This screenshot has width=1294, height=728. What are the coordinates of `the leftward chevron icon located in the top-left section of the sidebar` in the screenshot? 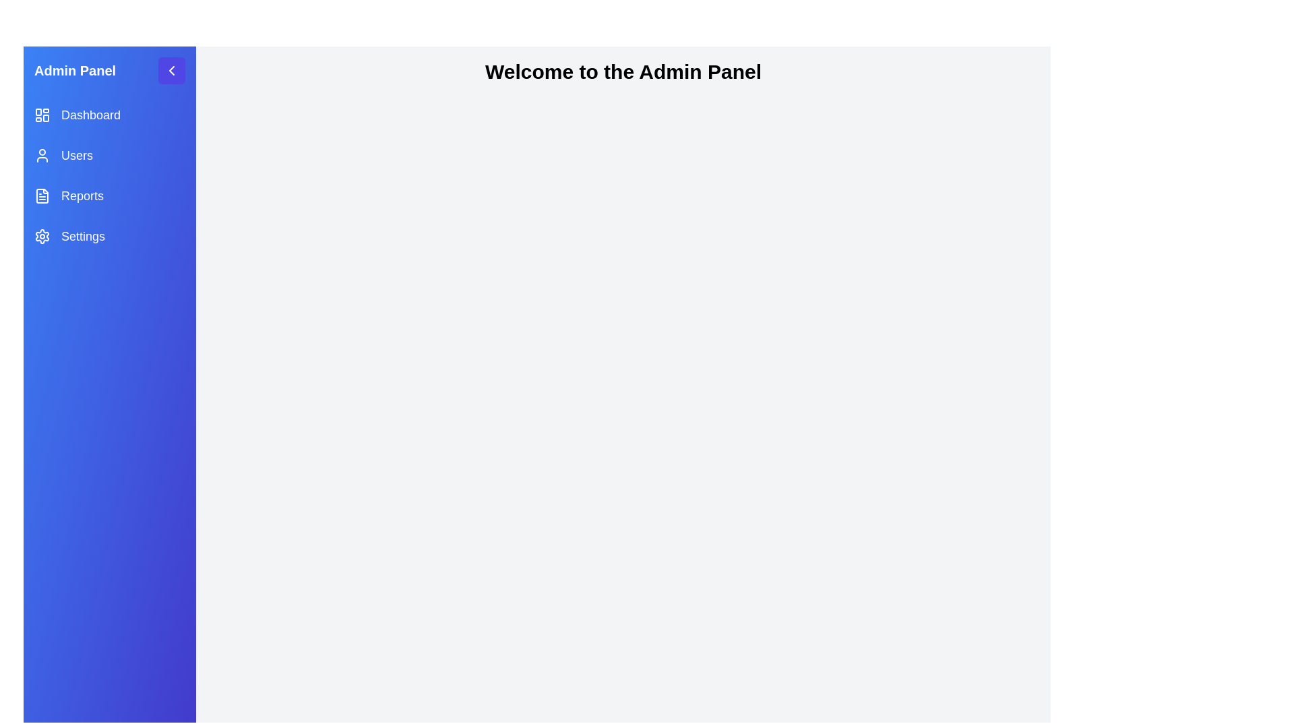 It's located at (171, 70).